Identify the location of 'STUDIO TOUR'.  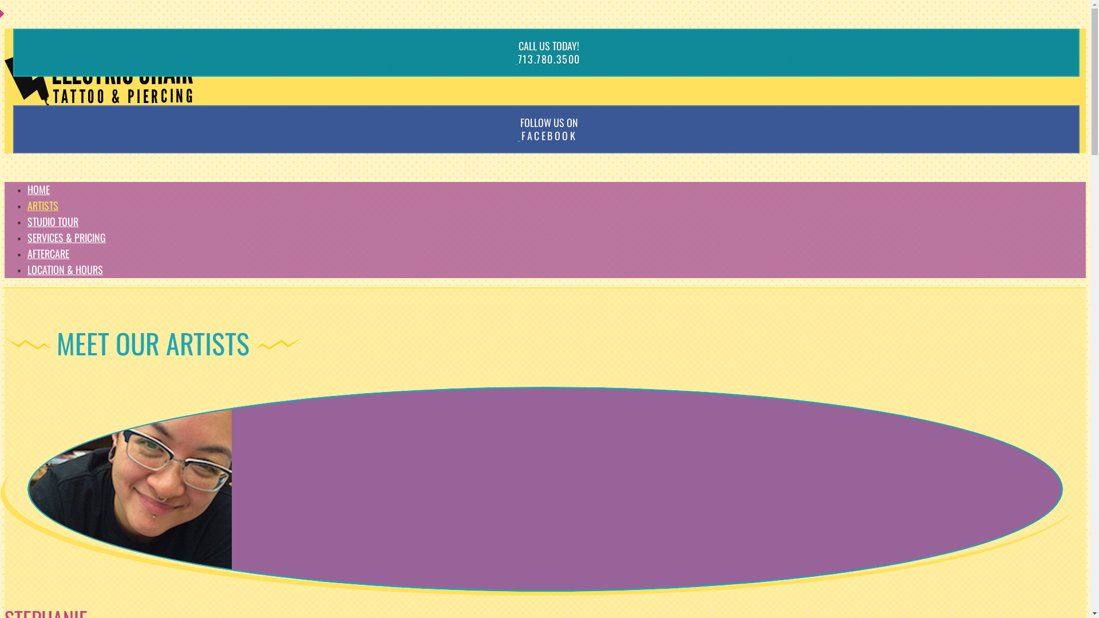
(52, 221).